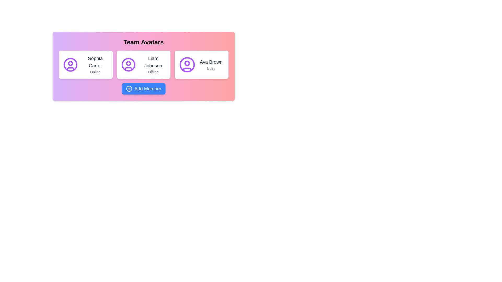 This screenshot has width=502, height=282. Describe the element at coordinates (211, 68) in the screenshot. I see `the status indicator text label located beneath the name 'Ava Brown' in the rightmost card` at that location.